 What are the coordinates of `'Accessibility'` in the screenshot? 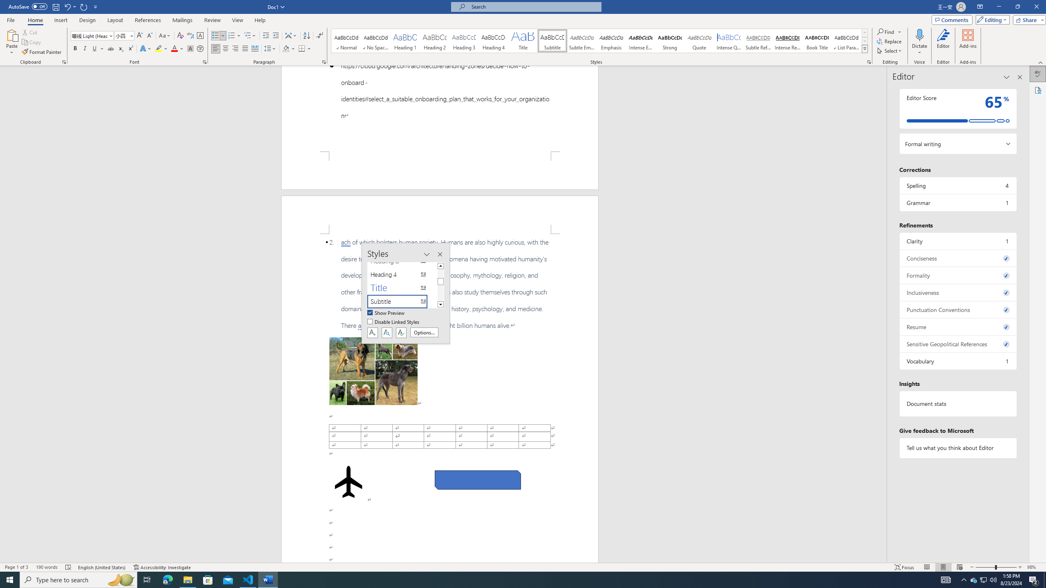 It's located at (1037, 90).